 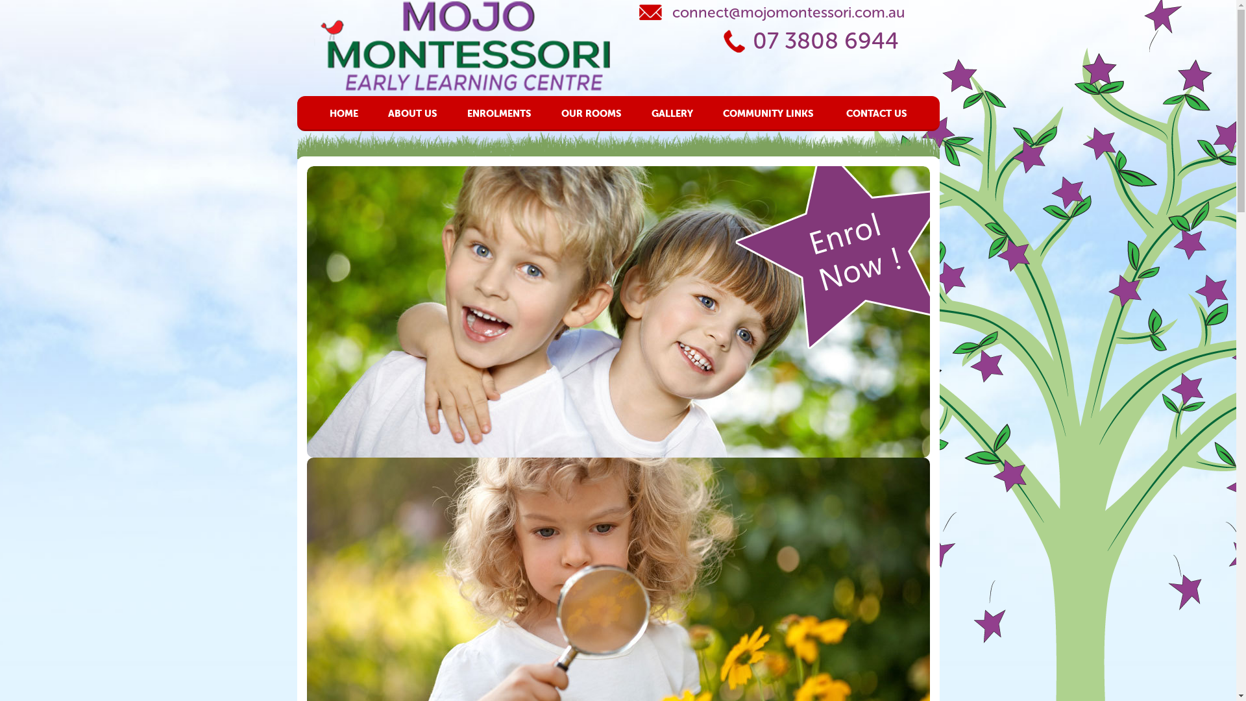 What do you see at coordinates (672, 112) in the screenshot?
I see `'GALLERY'` at bounding box center [672, 112].